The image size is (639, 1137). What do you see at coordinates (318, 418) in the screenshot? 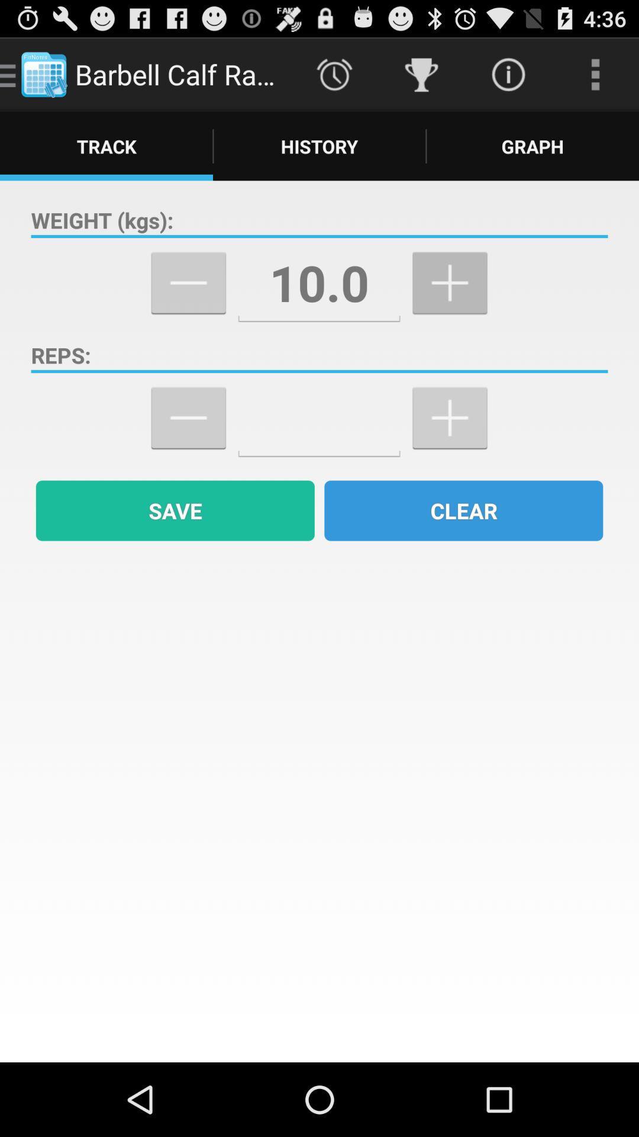
I see `number of repetitions` at bounding box center [318, 418].